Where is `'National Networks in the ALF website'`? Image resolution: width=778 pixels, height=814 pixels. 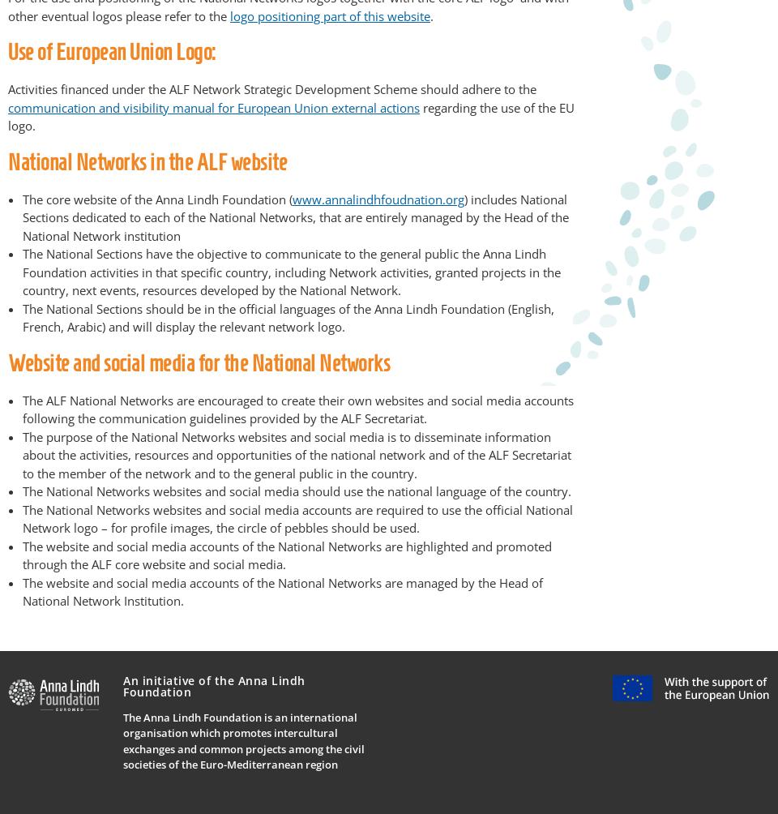
'National Networks in the ALF website' is located at coordinates (147, 161).